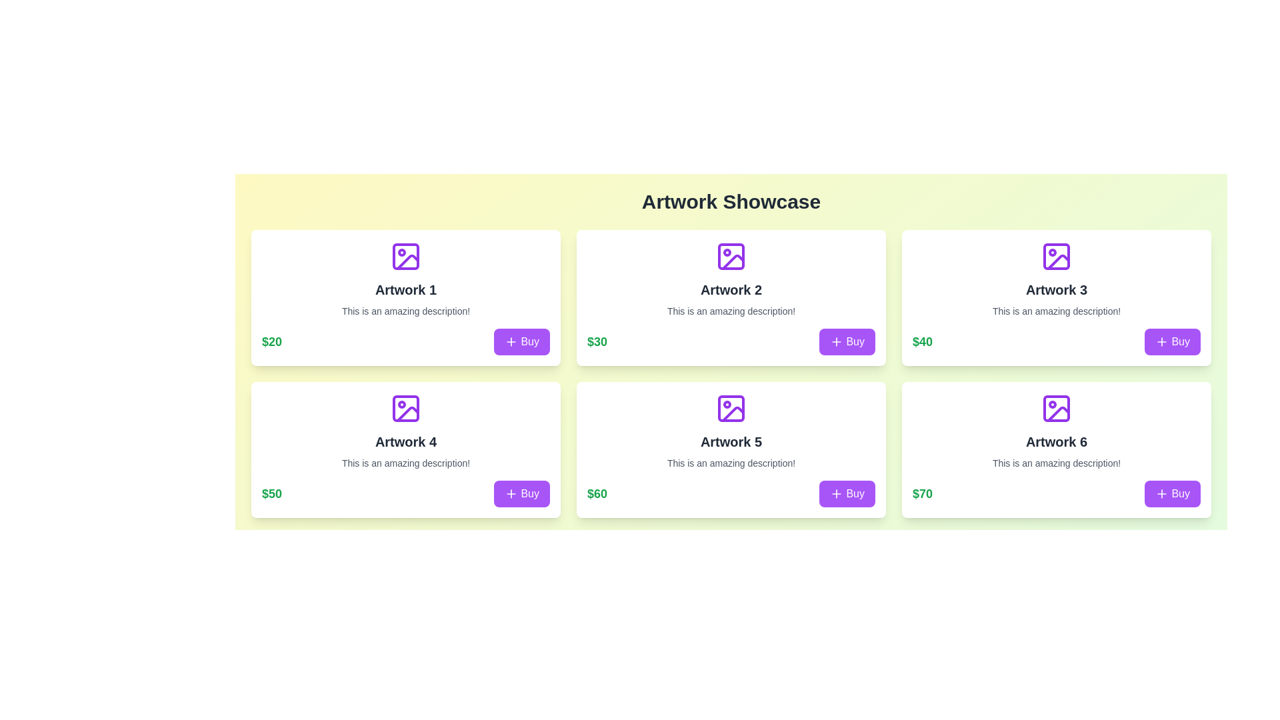 This screenshot has height=720, width=1280. What do you see at coordinates (405, 408) in the screenshot?
I see `the rectangular background of the SVG icon within the card labeled 'Artwork 4', located in the top-left part of the card in the artwork grid` at bounding box center [405, 408].